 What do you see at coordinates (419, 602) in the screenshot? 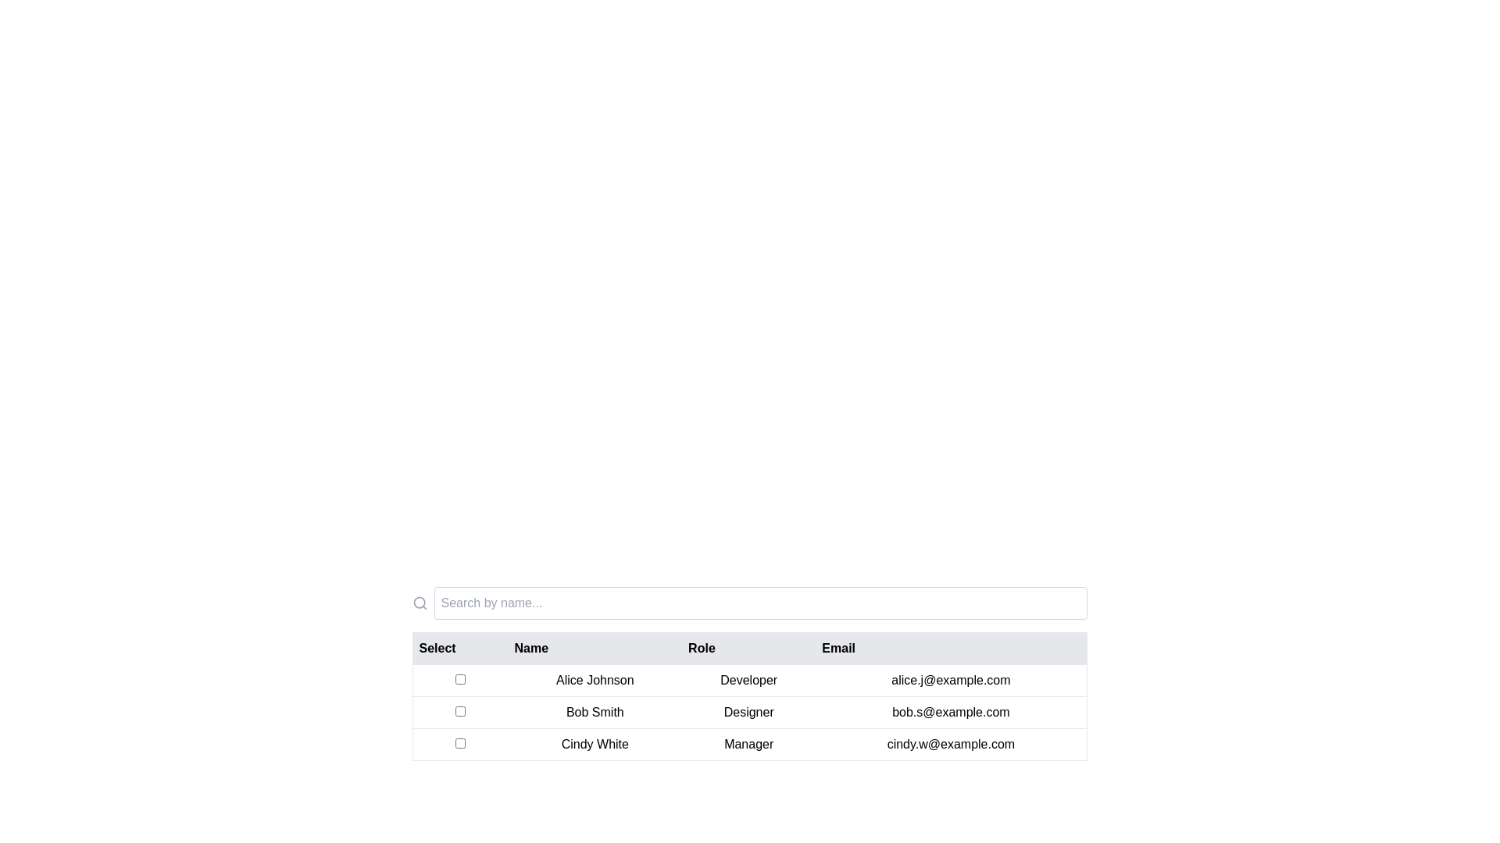
I see `the SVG circle that represents the glass lens part of the search icon, located to the left of the search bar at the top of the table interface` at bounding box center [419, 602].